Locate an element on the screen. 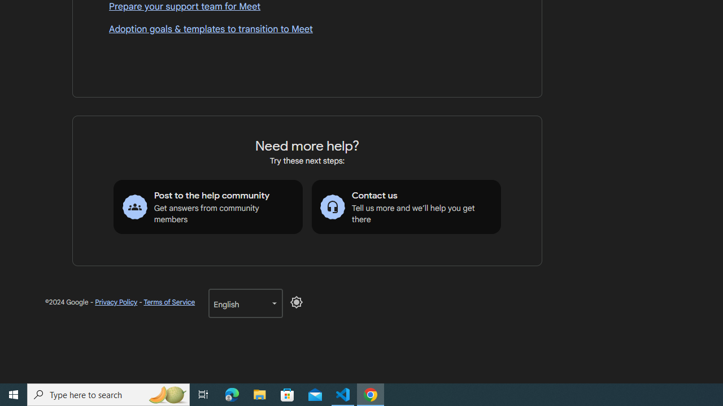 This screenshot has width=723, height=406. 'Disable Dark Mode' is located at coordinates (297, 302).